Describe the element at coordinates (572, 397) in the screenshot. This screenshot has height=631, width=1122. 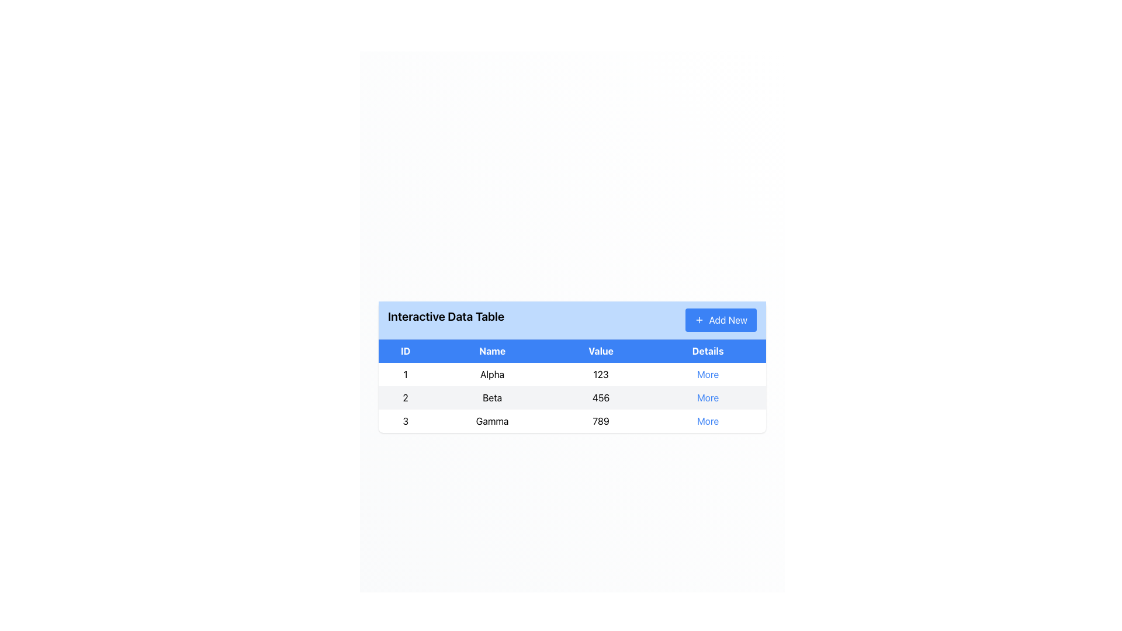
I see `the second row in the interactive data table containing the values '2', 'Beta', '456', and a link labeled 'More'` at that location.